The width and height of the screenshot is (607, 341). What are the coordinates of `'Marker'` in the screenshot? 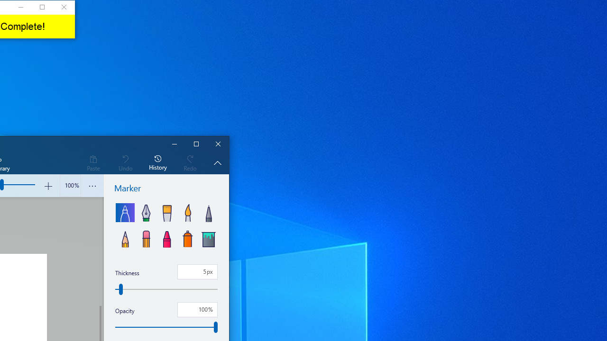 It's located at (125, 212).